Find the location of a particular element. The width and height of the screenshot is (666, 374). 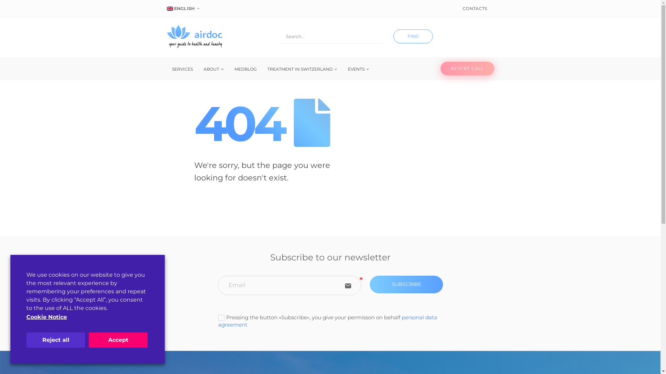

'CONTACTS' is located at coordinates (474, 8).